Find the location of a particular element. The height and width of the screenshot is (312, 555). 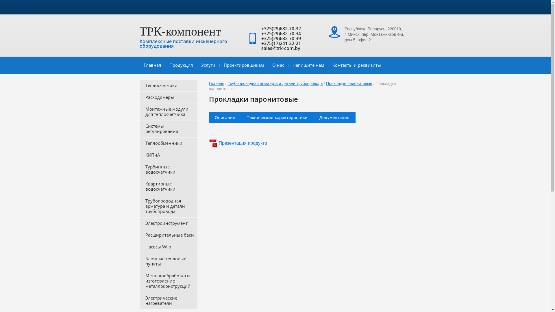

'+375(29)682-70-32' is located at coordinates (281, 29).